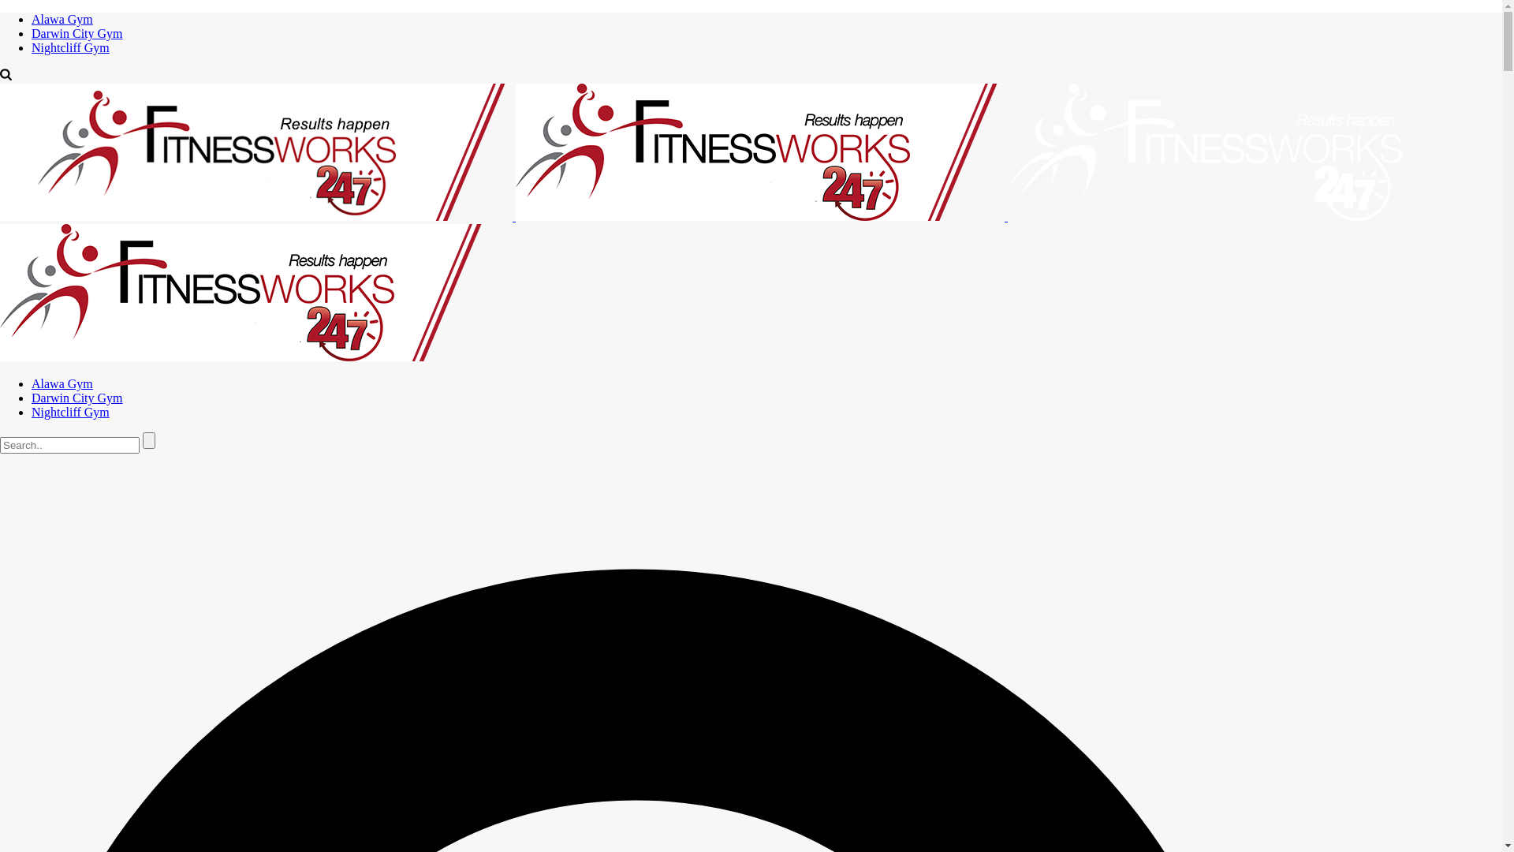 The width and height of the screenshot is (1514, 852). What do you see at coordinates (69, 47) in the screenshot?
I see `'Nightcliff Gym'` at bounding box center [69, 47].